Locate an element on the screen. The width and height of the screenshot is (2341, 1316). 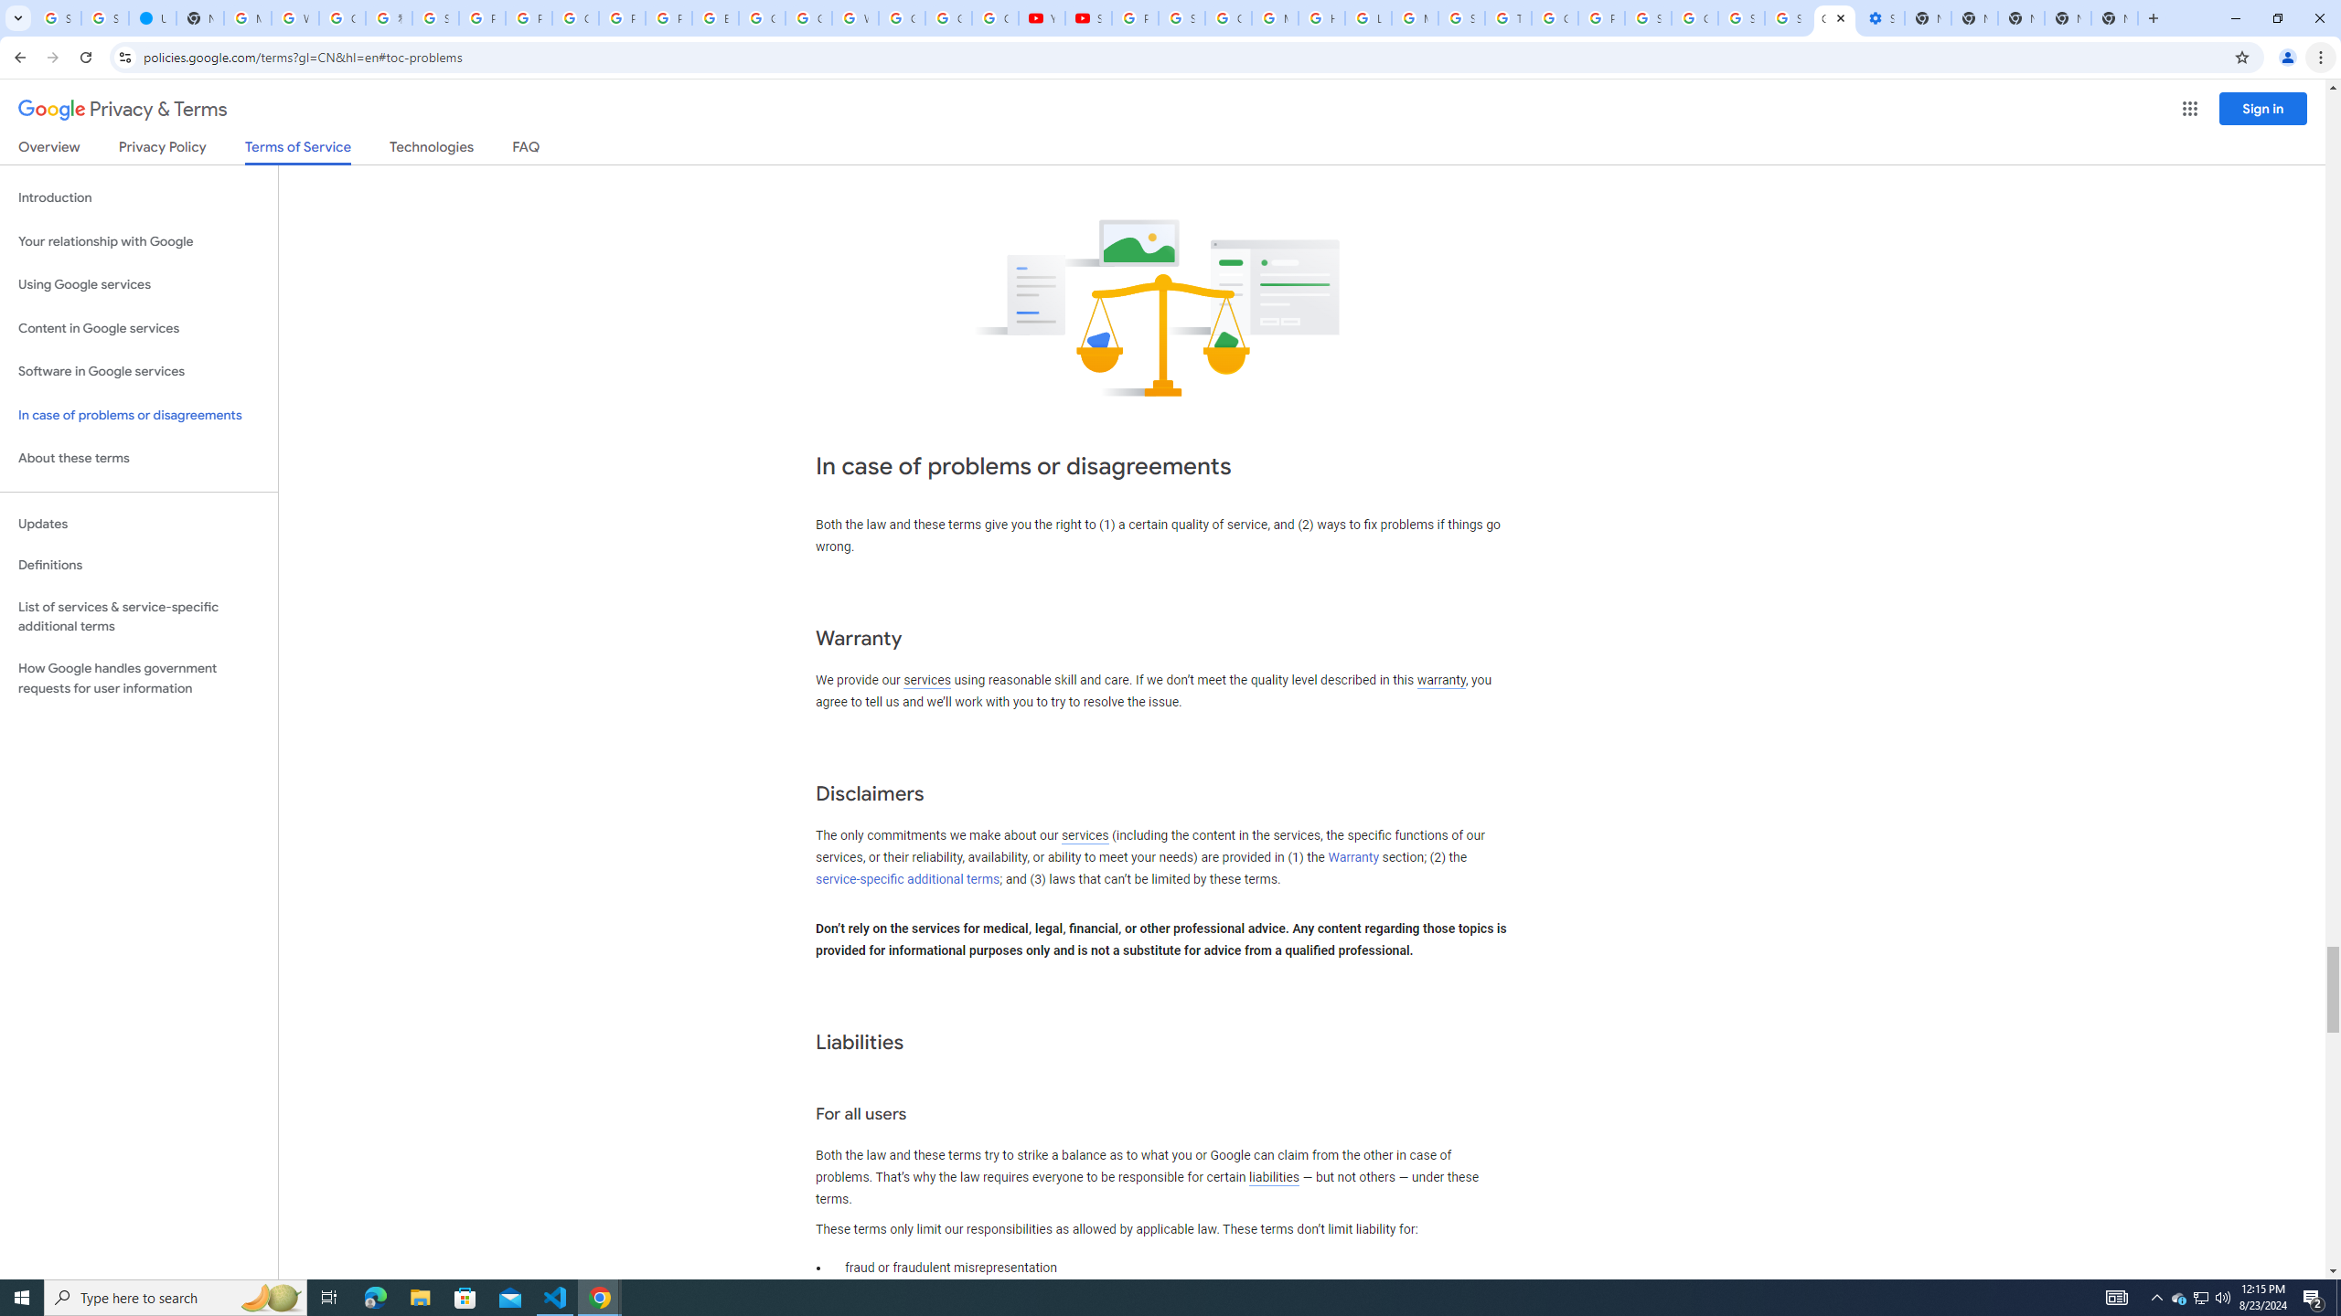
'Definitions' is located at coordinates (138, 565).